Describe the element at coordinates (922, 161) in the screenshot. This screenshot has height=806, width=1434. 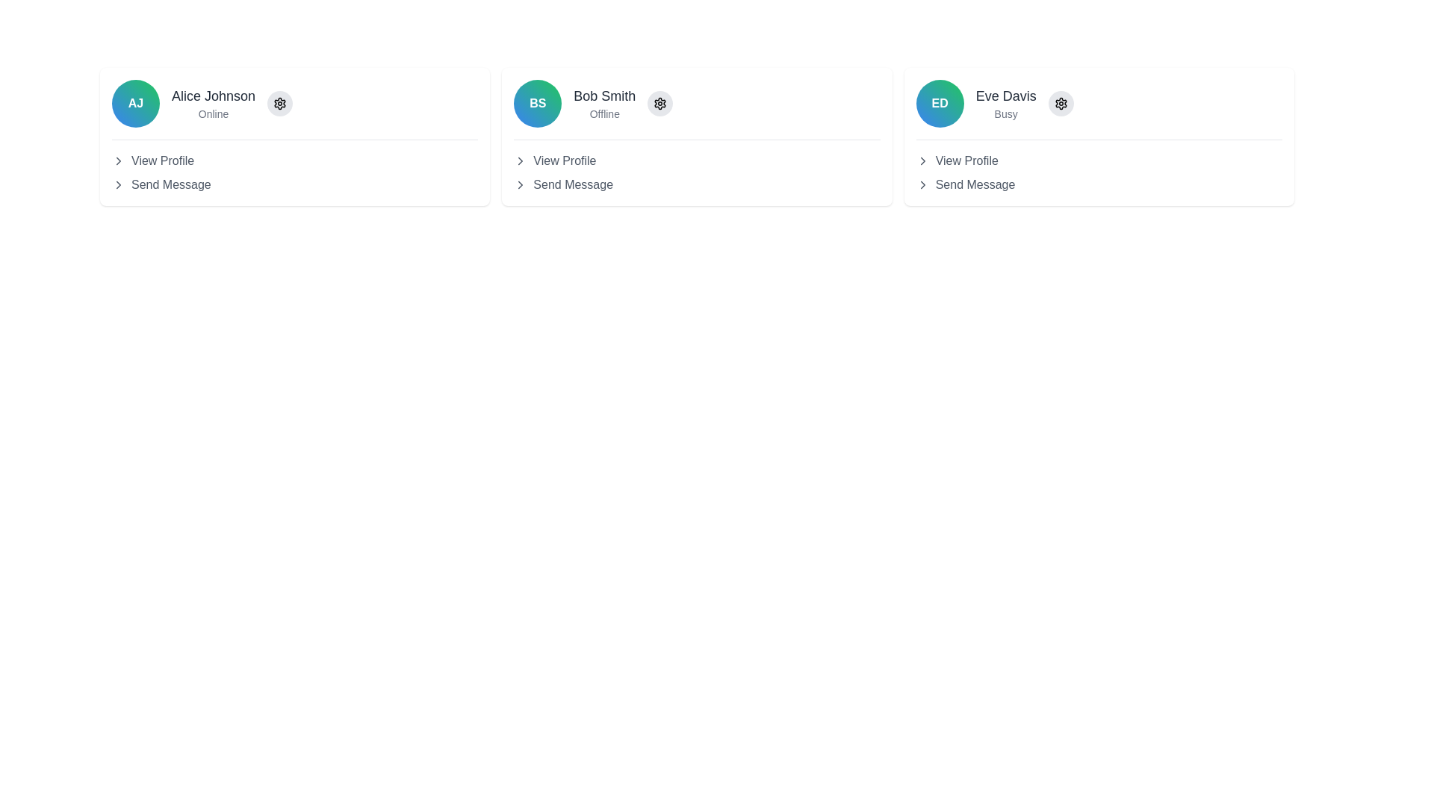
I see `the arrow icon pointing to the right located in the bottom section of the third card` at that location.